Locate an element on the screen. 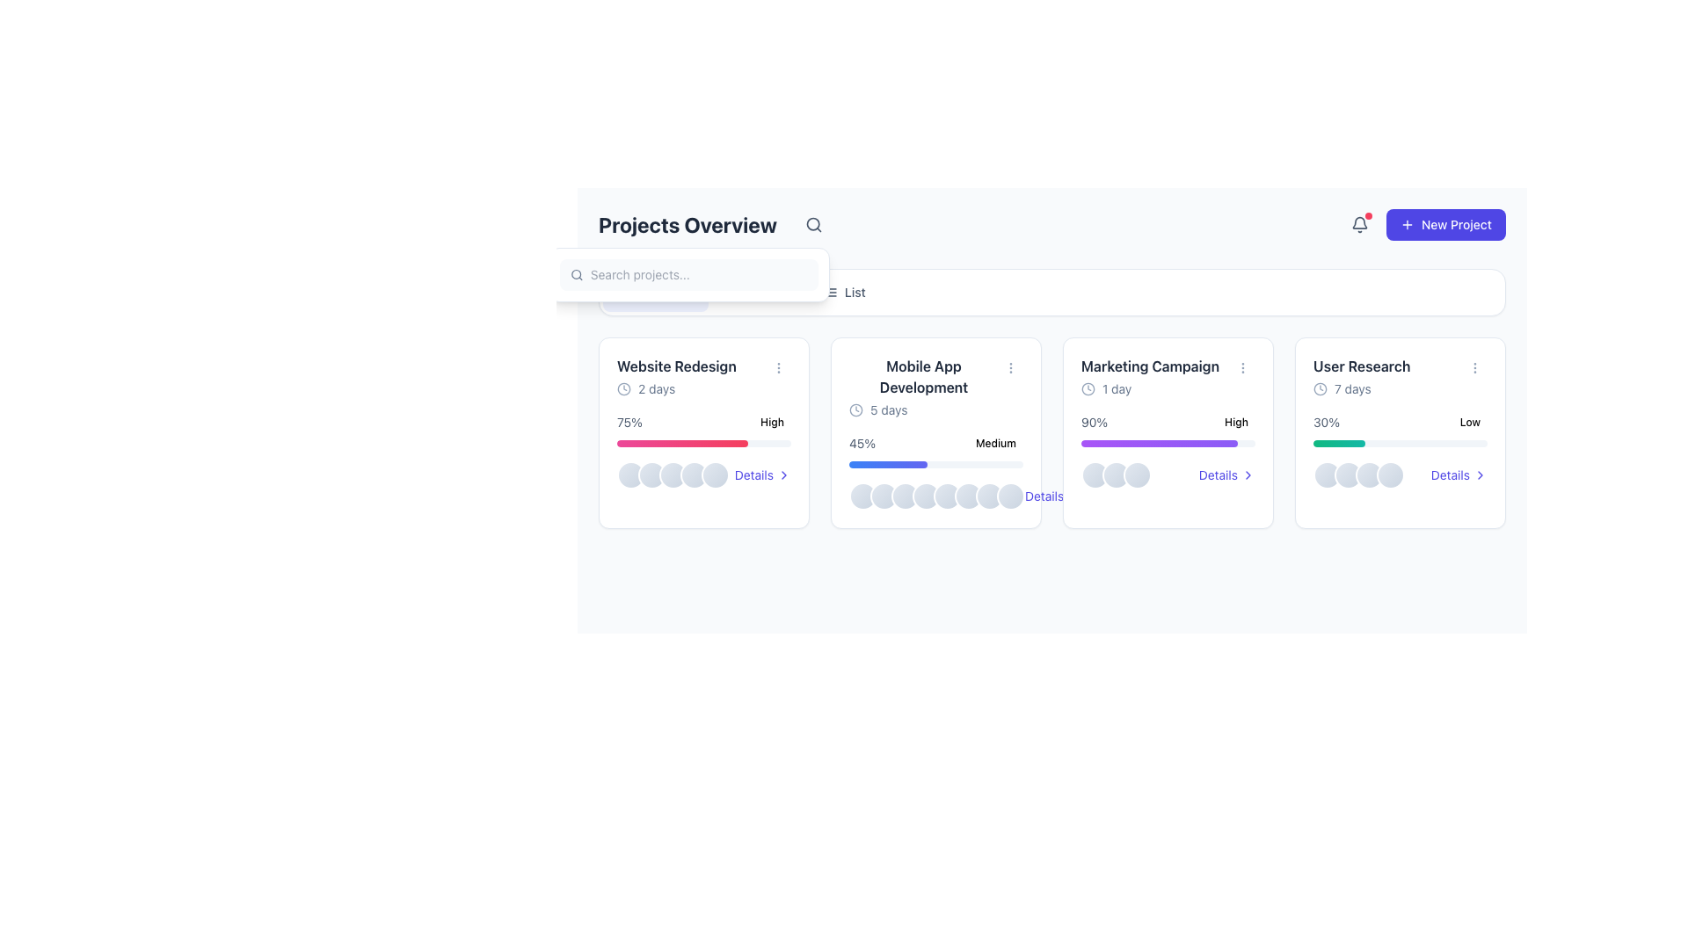 Image resolution: width=1688 pixels, height=949 pixels. the 'Marketing Campaign' label, which is styled in bold dark slate text and located at the top of the third project card in a row of cards is located at coordinates (1150, 365).